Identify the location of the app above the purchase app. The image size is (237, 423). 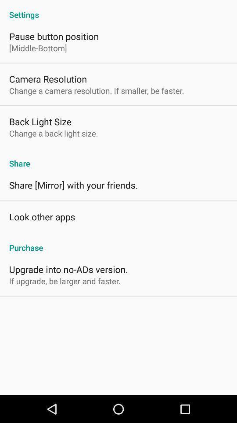
(42, 216).